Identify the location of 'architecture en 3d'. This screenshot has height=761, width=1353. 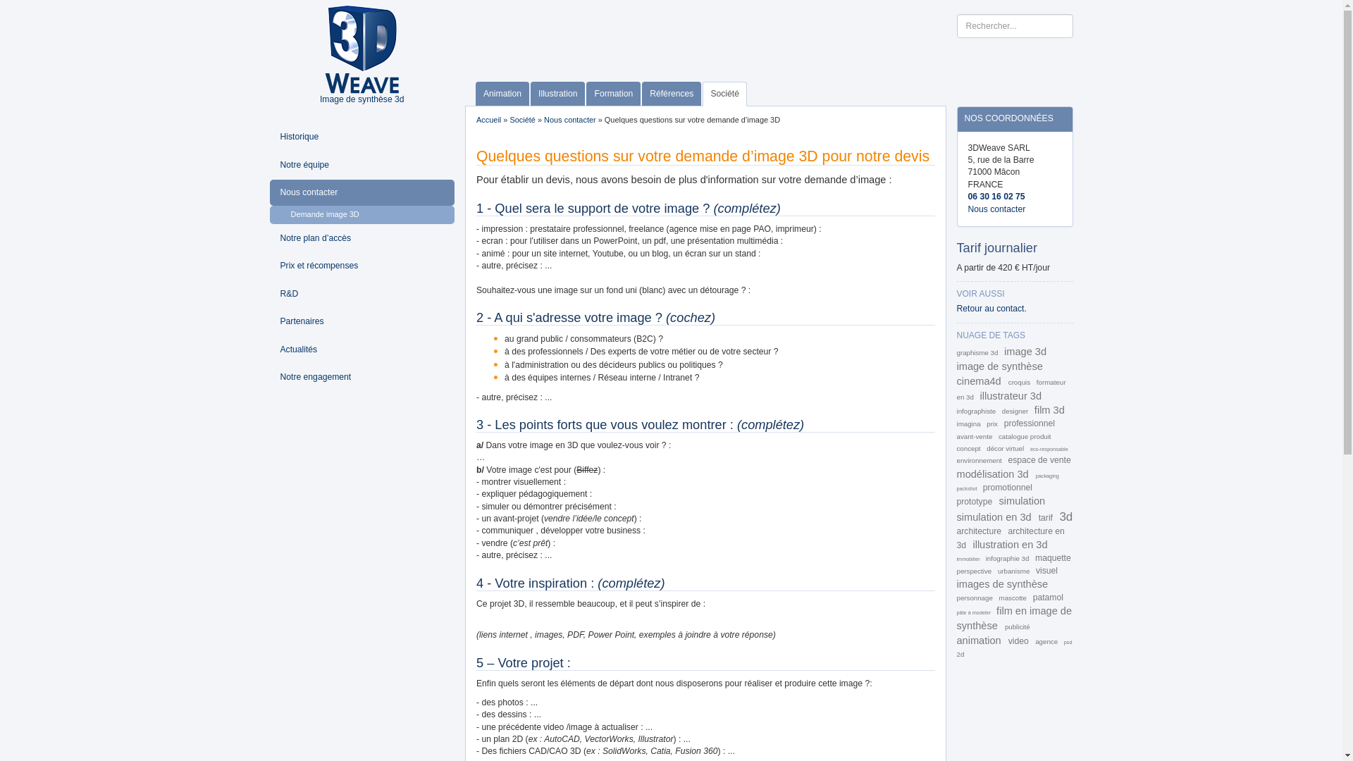
(1010, 538).